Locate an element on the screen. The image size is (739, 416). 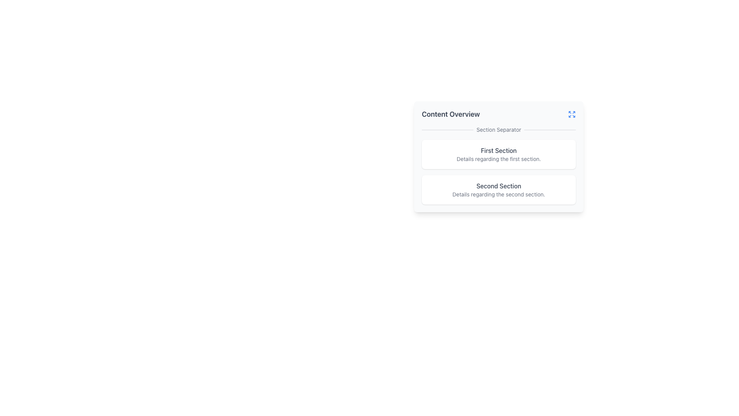
text content of the small, gray-colored text label that says 'Details regarding the first section.' located under the 'First Section' heading is located at coordinates (499, 158).